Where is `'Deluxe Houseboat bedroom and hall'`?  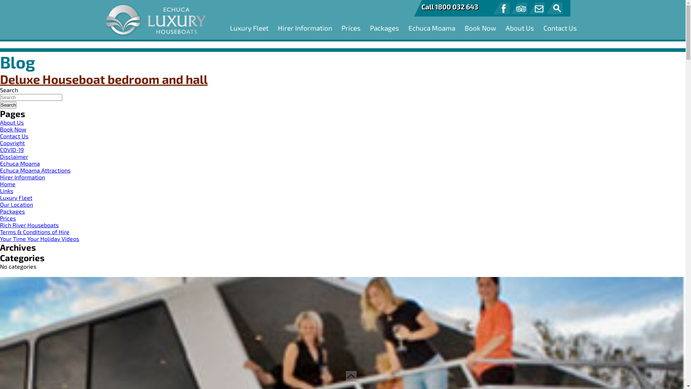
'Deluxe Houseboat bedroom and hall' is located at coordinates (103, 79).